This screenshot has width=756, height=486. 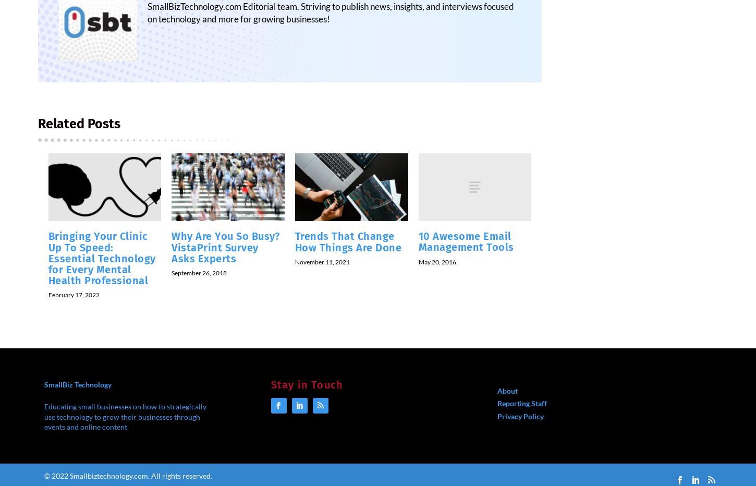 I want to click on 'Related Posts', so click(x=38, y=129).